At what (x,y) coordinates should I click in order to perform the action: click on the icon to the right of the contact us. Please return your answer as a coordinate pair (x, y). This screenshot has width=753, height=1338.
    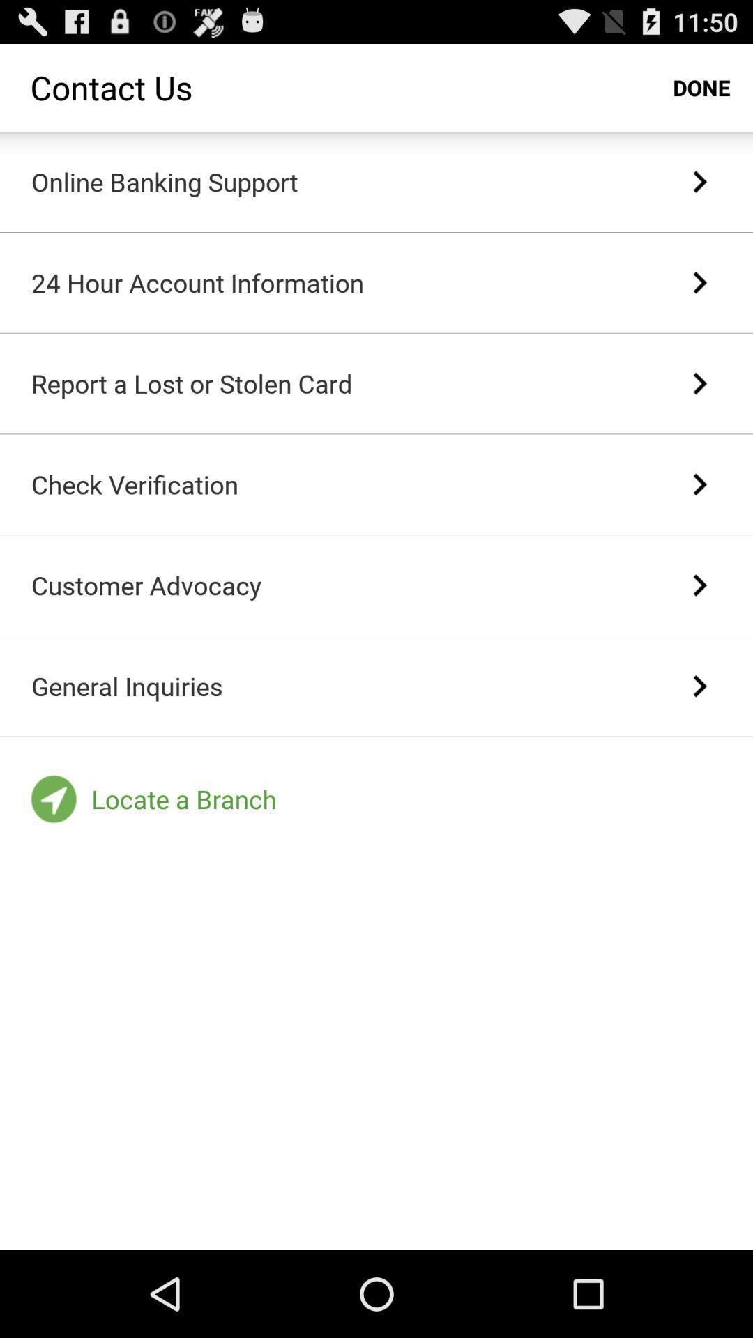
    Looking at the image, I should click on (701, 86).